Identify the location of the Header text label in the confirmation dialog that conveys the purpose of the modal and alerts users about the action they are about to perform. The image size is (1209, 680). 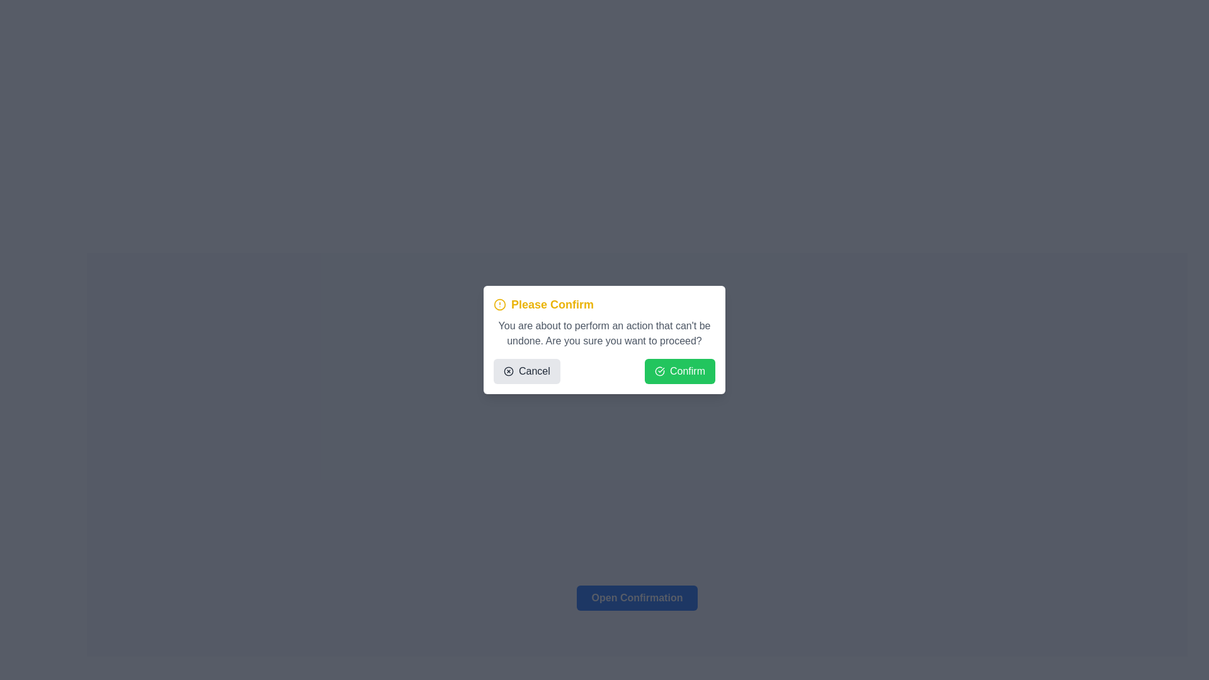
(552, 304).